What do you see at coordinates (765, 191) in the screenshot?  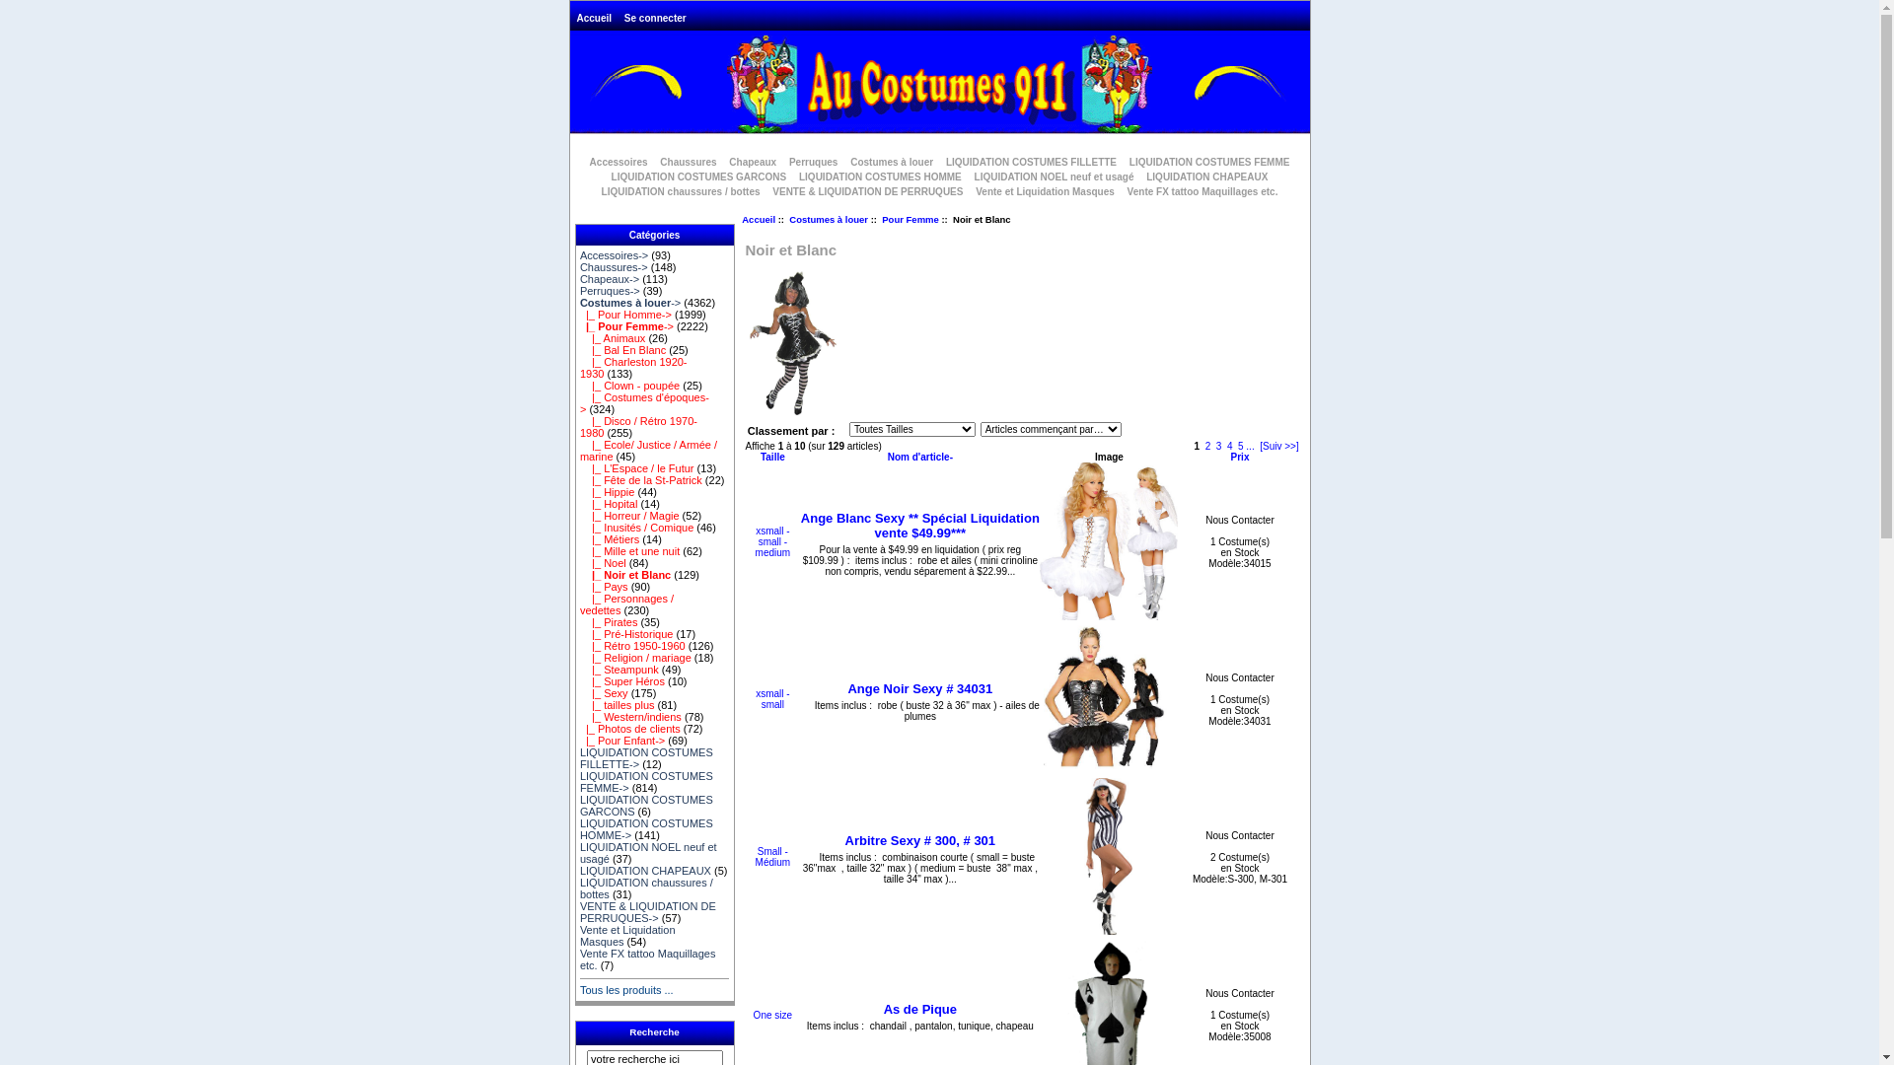 I see `'VENTE & LIQUIDATION DE PERRUQUES'` at bounding box center [765, 191].